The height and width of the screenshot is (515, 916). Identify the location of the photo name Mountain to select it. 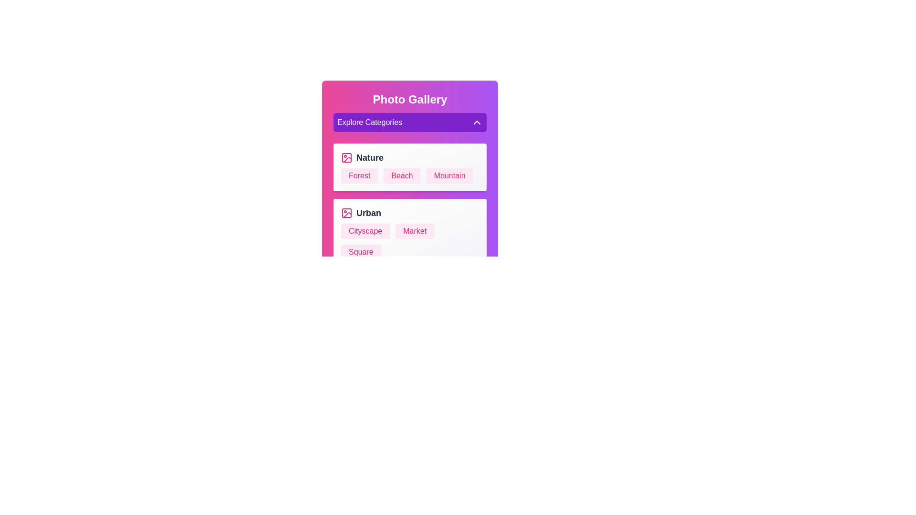
(449, 176).